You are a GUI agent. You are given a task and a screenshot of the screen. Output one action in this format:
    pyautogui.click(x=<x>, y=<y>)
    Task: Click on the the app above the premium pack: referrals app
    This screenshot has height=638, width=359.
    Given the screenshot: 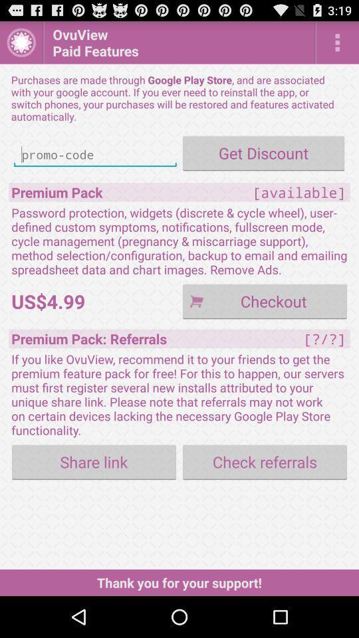 What is the action you would take?
    pyautogui.click(x=265, y=301)
    